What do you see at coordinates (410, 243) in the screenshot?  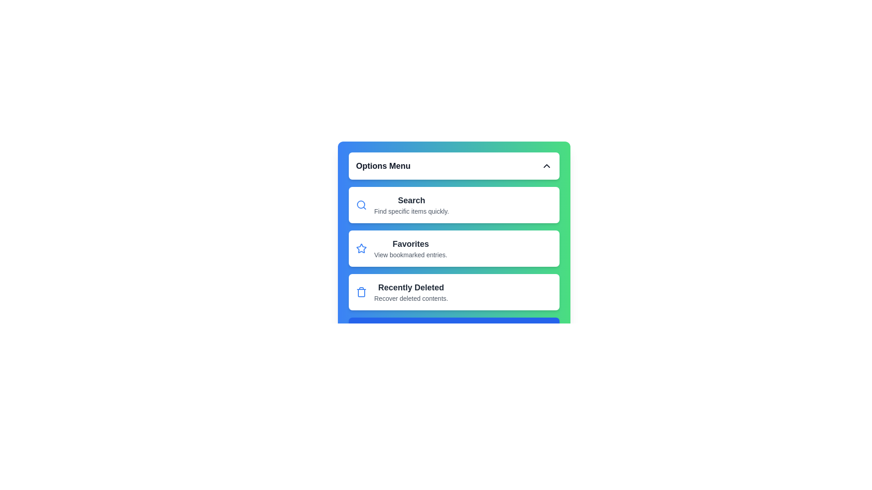 I see `the 'Favorites' label which identifies the 'Favorites' section in the menu interface, positioned between 'Search' and 'Recently Deleted'` at bounding box center [410, 243].